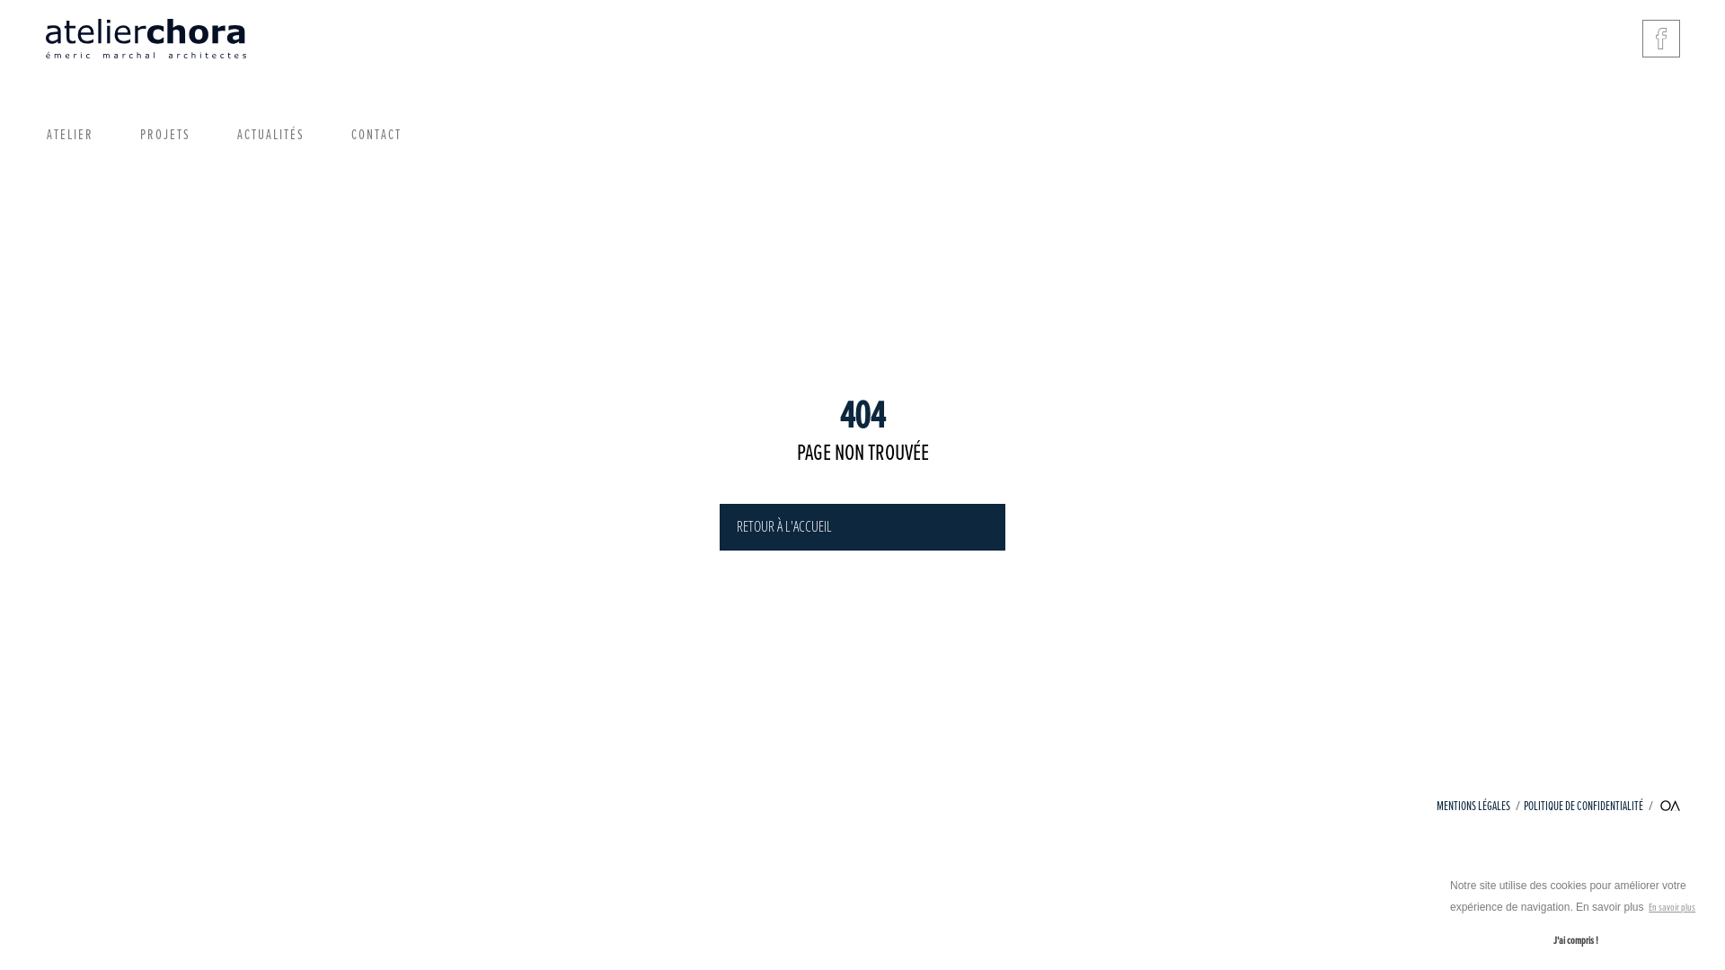 The width and height of the screenshot is (1725, 970). What do you see at coordinates (69, 134) in the screenshot?
I see `'ATELIER'` at bounding box center [69, 134].